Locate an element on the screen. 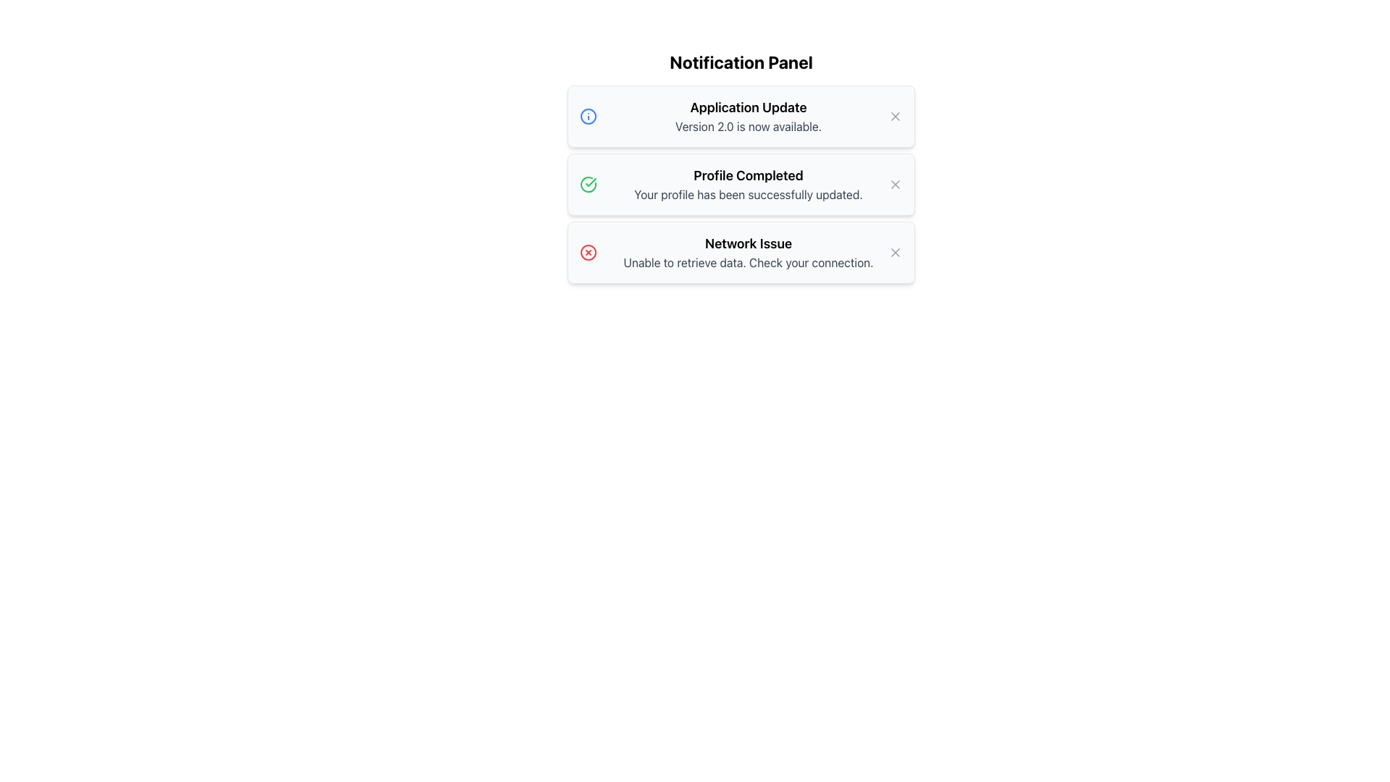 This screenshot has height=782, width=1390. the visual appearance of the close icon in the top-right corner of the 'Application Update' notification panel is located at coordinates (895, 116).